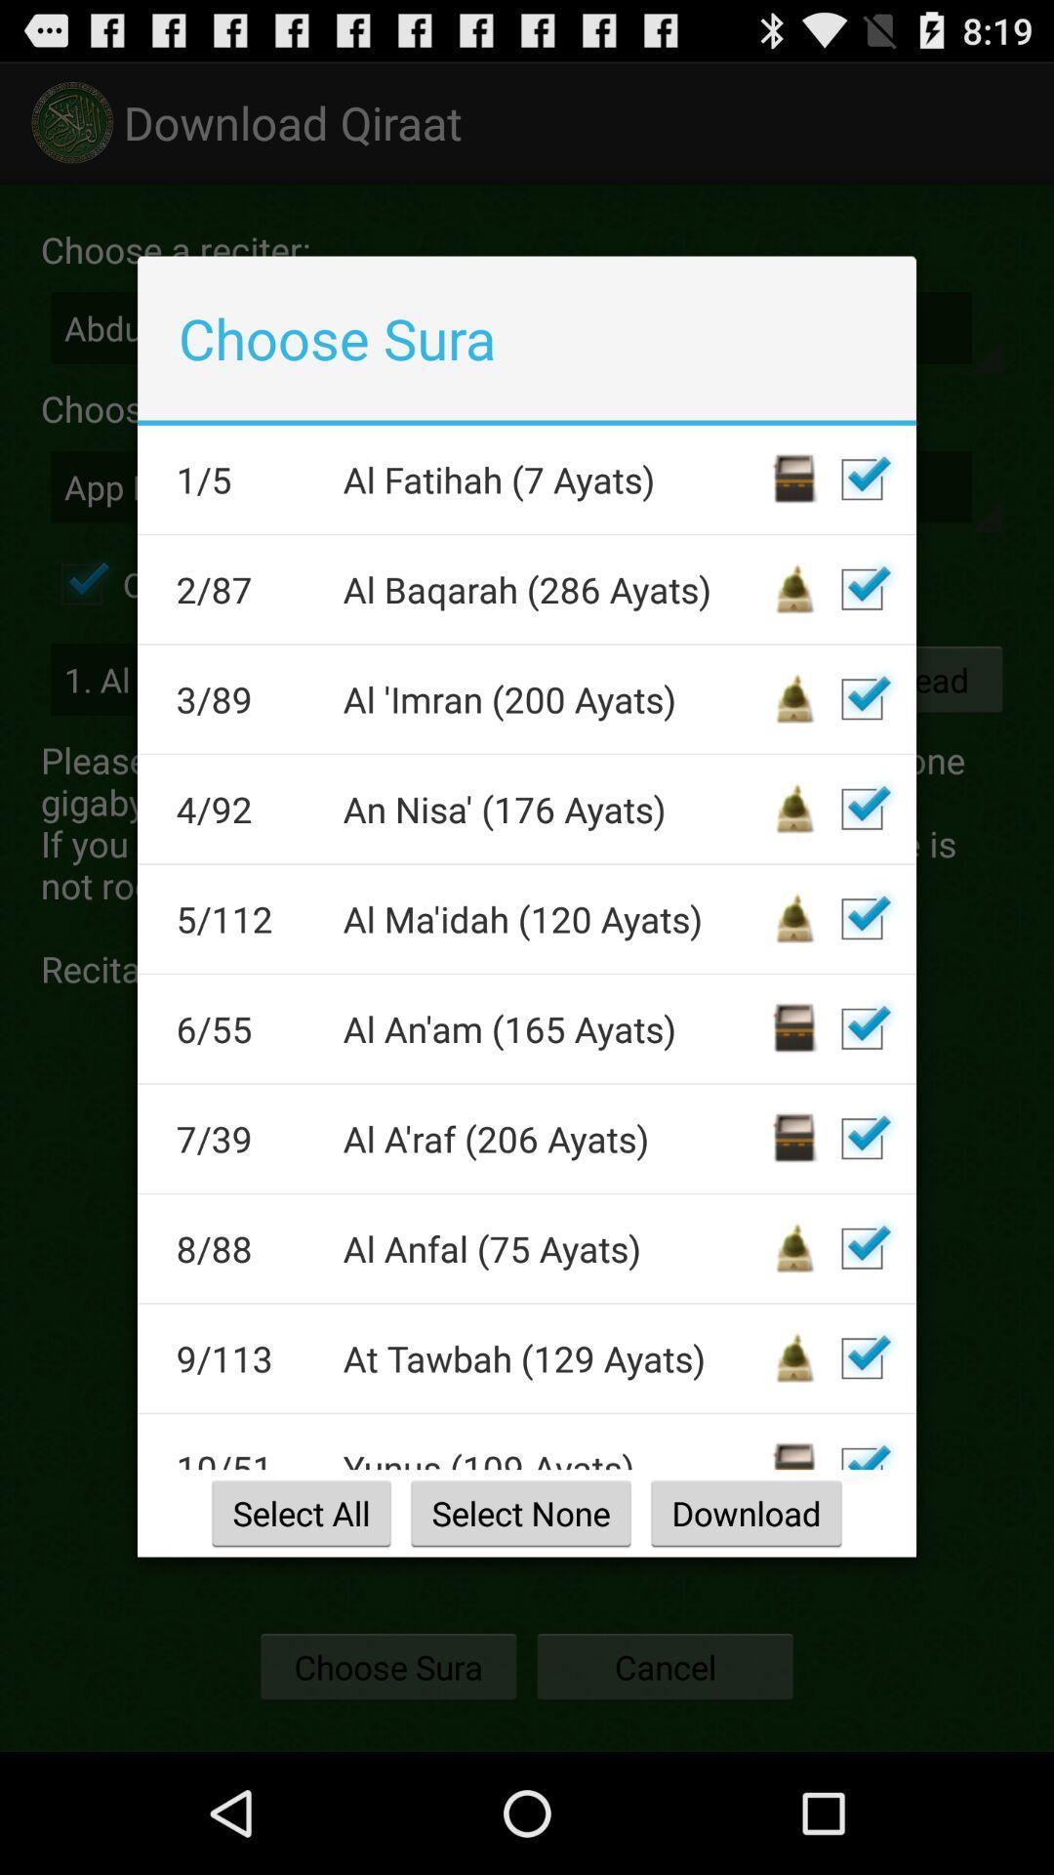 Image resolution: width=1054 pixels, height=1875 pixels. What do you see at coordinates (861, 809) in the screenshot?
I see `item` at bounding box center [861, 809].